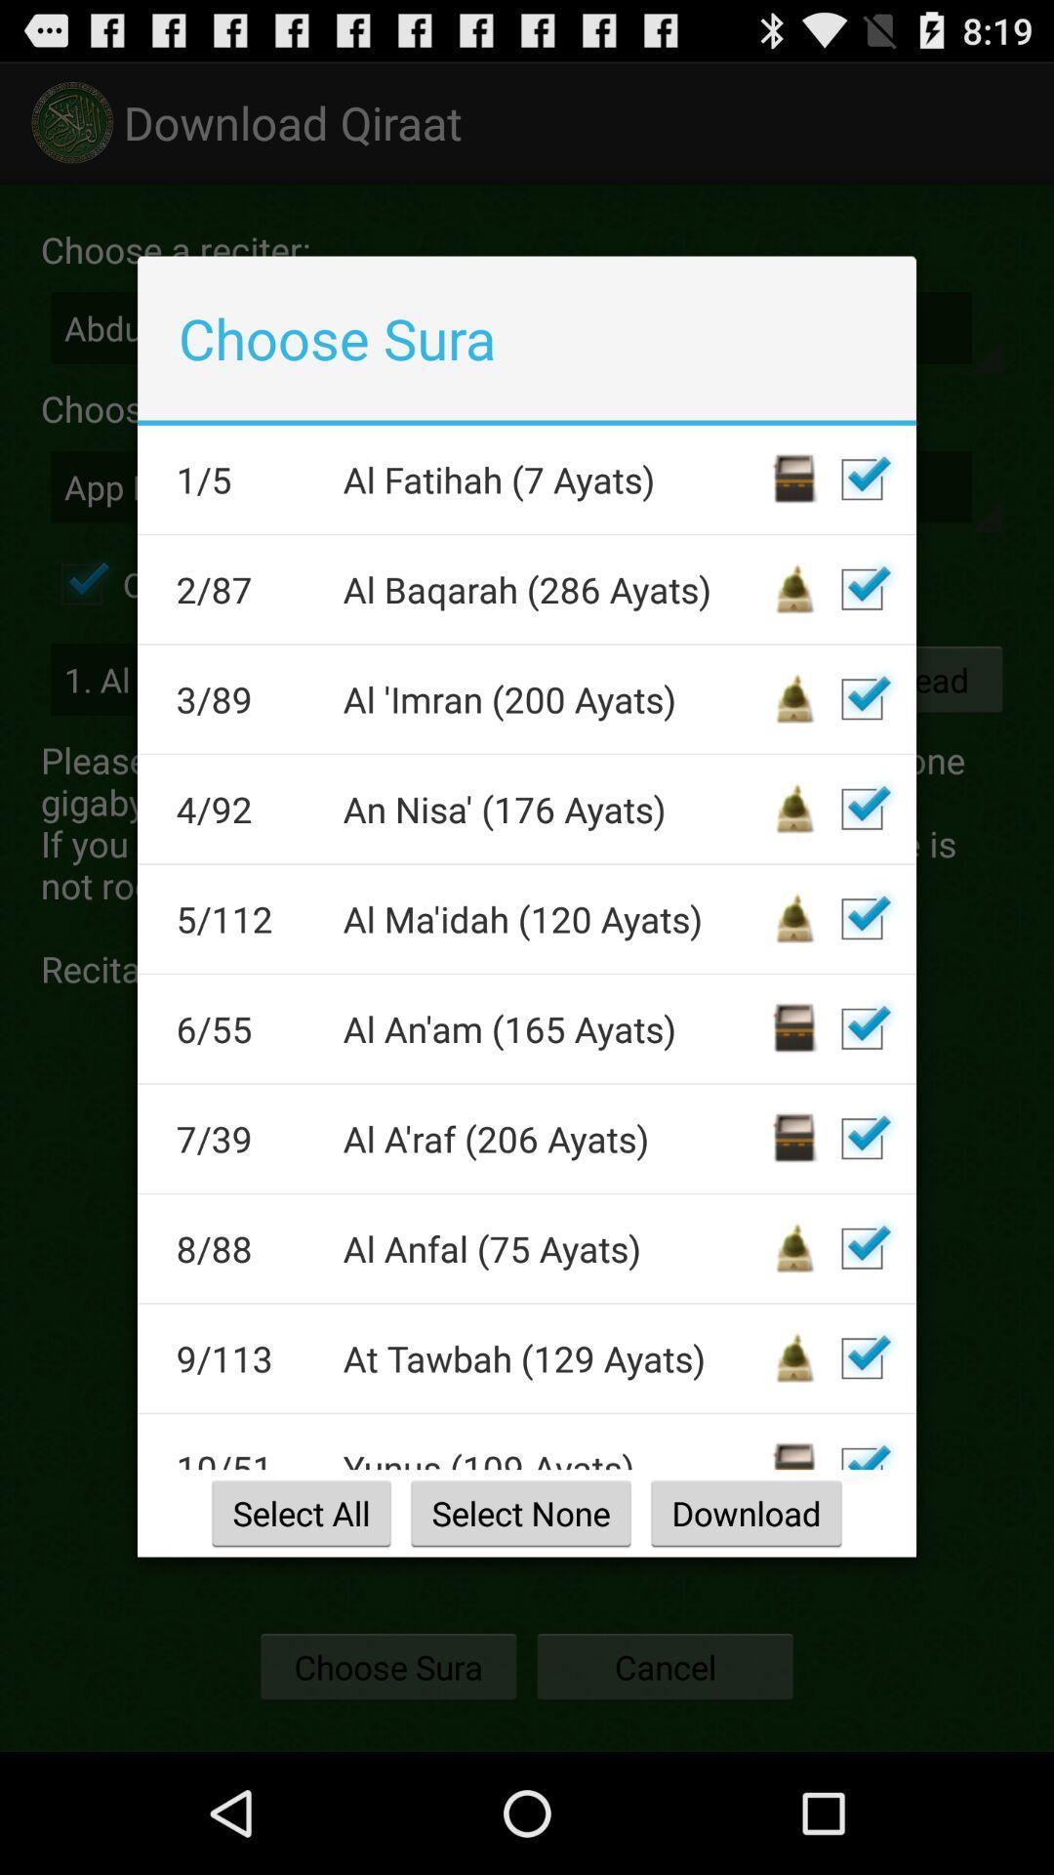 Image resolution: width=1054 pixels, height=1875 pixels. What do you see at coordinates (861, 809) in the screenshot?
I see `item` at bounding box center [861, 809].